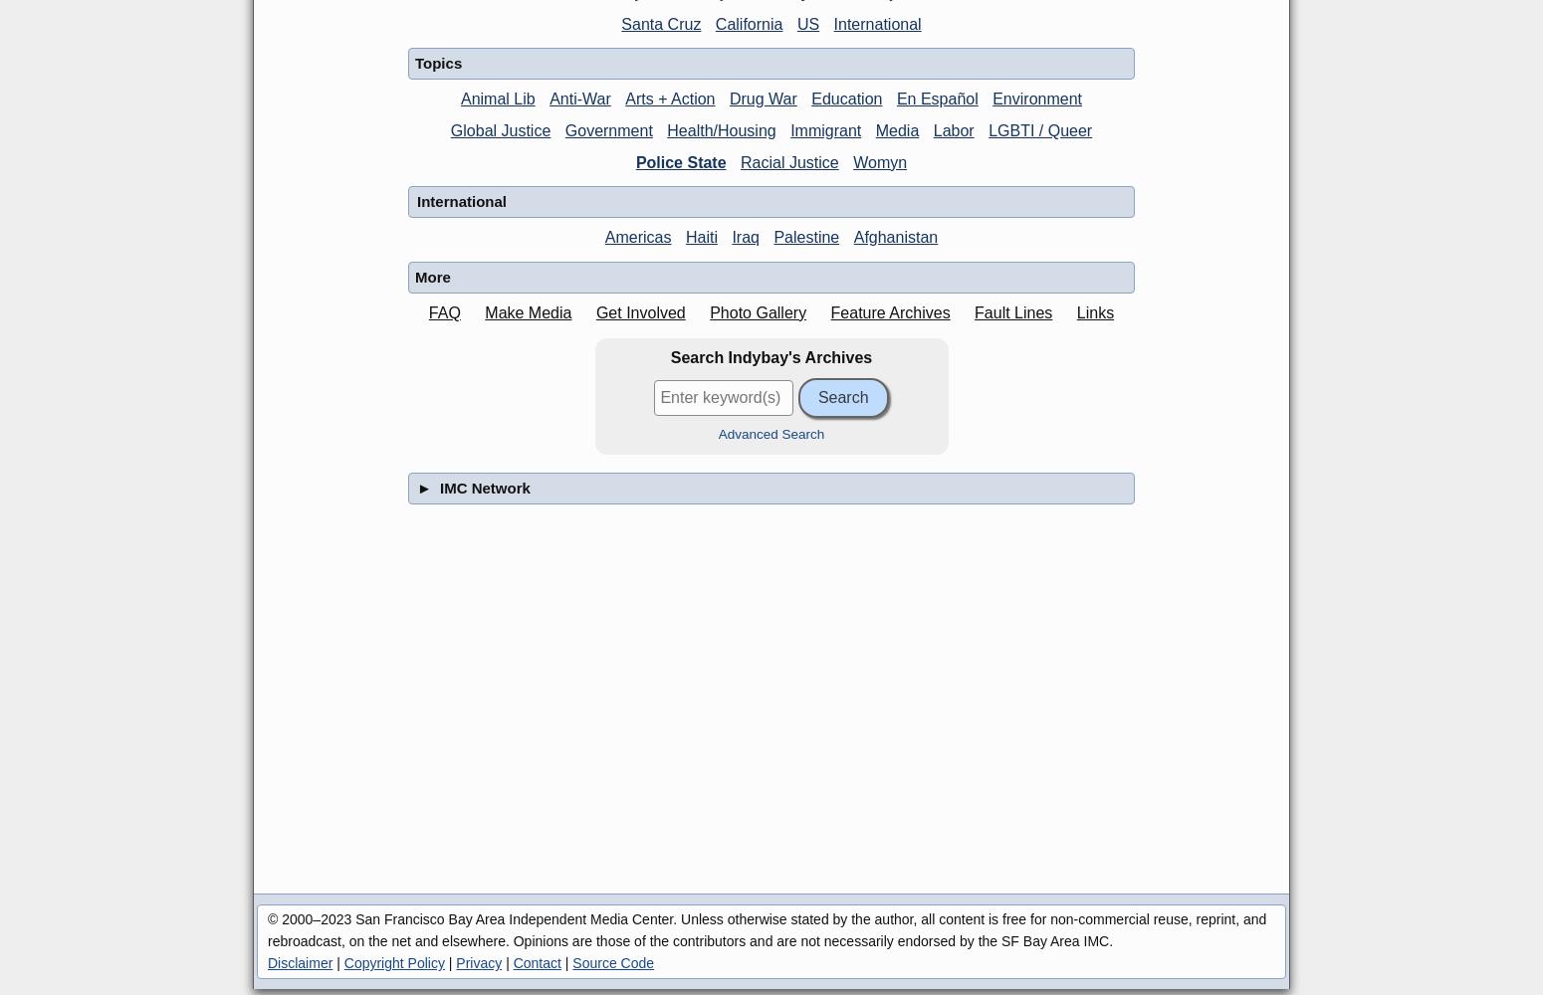 The image size is (1543, 995). Describe the element at coordinates (845, 98) in the screenshot. I see `'Education'` at that location.